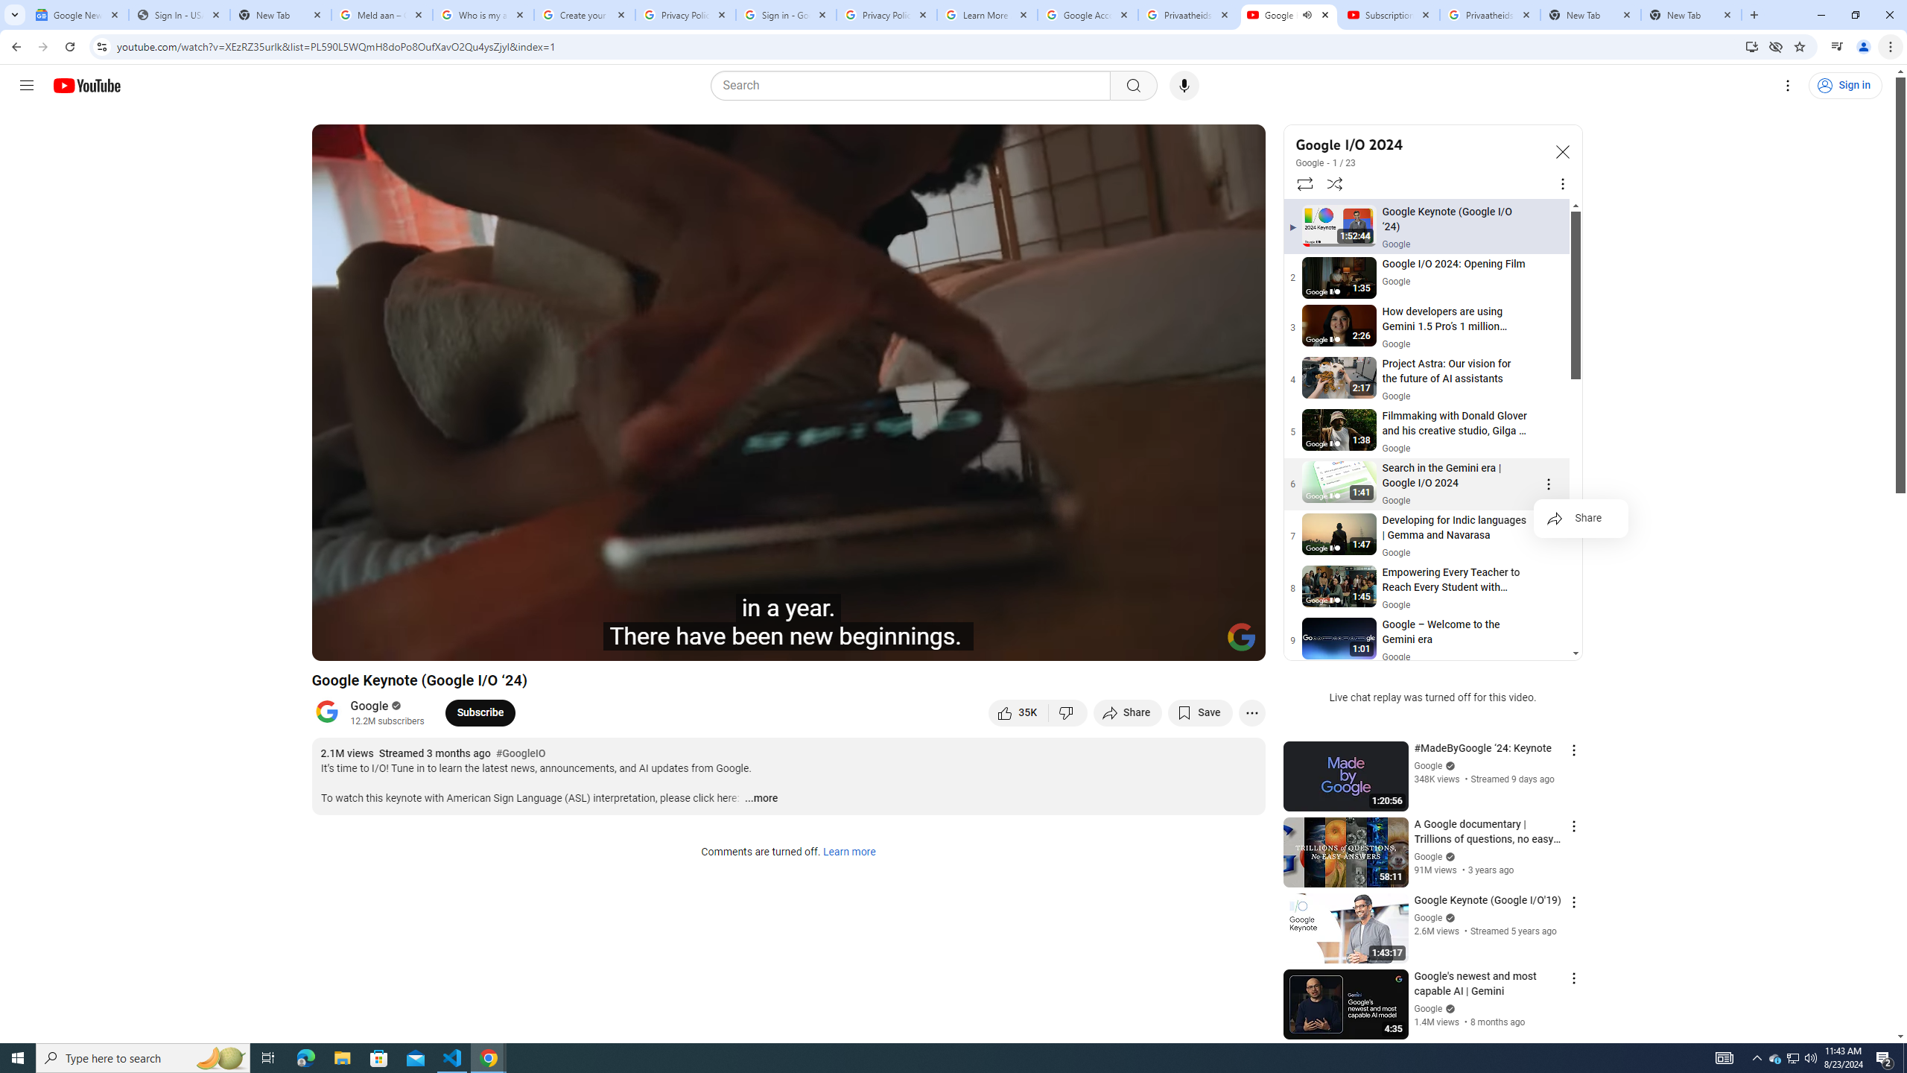 Image resolution: width=1907 pixels, height=1073 pixels. Describe the element at coordinates (1251, 712) in the screenshot. I see `'More actions'` at that location.